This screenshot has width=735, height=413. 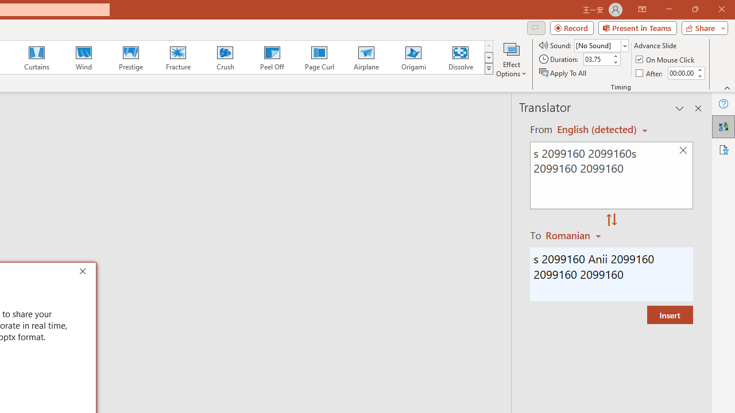 What do you see at coordinates (225, 57) in the screenshot?
I see `'Crush'` at bounding box center [225, 57].